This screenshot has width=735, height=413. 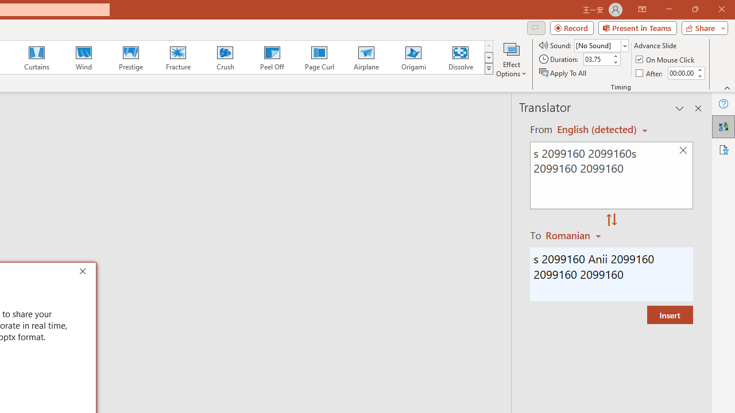 What do you see at coordinates (225, 57) in the screenshot?
I see `'Crush'` at bounding box center [225, 57].